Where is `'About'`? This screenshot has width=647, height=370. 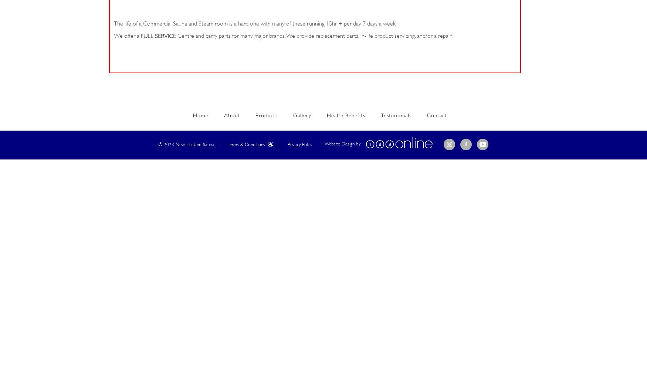
'About' is located at coordinates (223, 115).